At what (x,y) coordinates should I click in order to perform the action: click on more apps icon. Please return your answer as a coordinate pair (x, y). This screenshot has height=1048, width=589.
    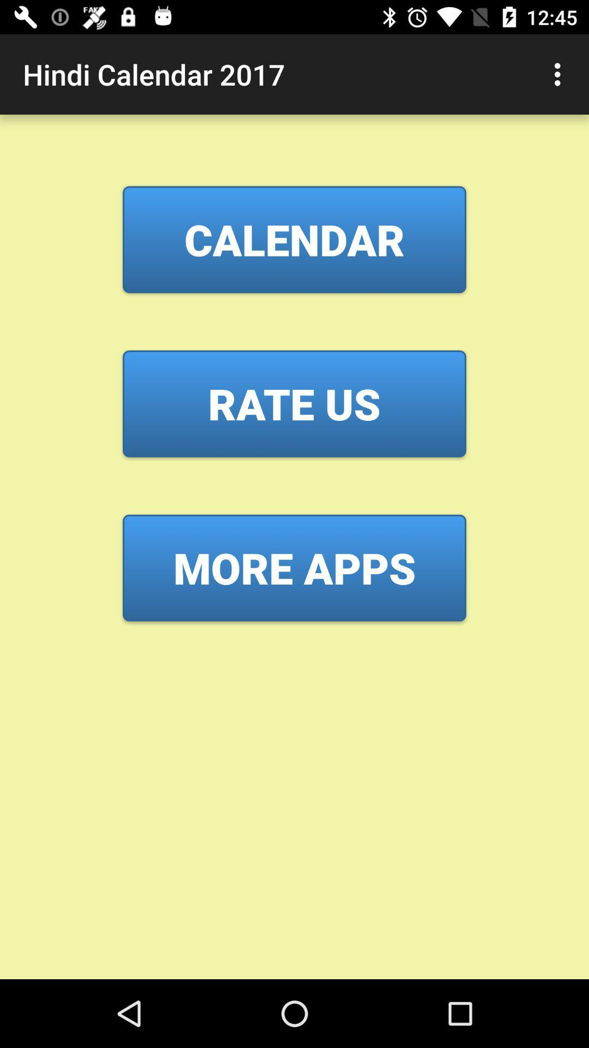
    Looking at the image, I should click on (294, 568).